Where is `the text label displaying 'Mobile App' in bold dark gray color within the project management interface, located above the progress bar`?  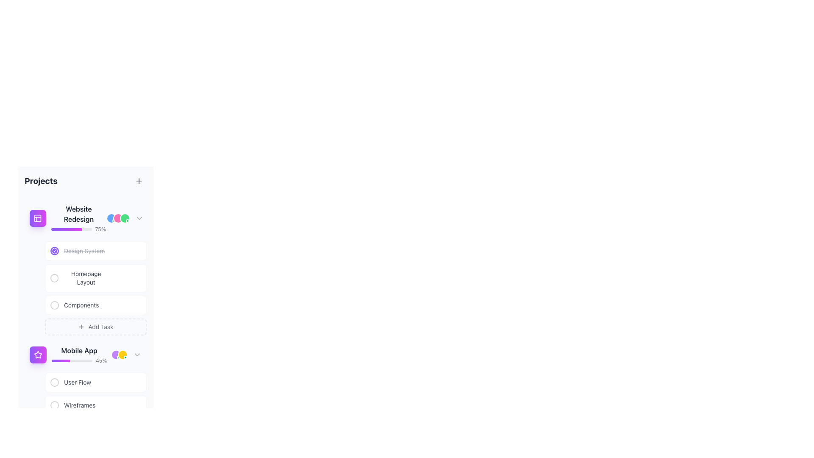 the text label displaying 'Mobile App' in bold dark gray color within the project management interface, located above the progress bar is located at coordinates (79, 350).